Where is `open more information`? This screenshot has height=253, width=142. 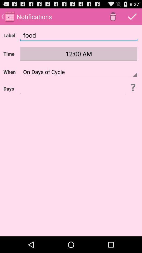
open more information is located at coordinates (133, 87).